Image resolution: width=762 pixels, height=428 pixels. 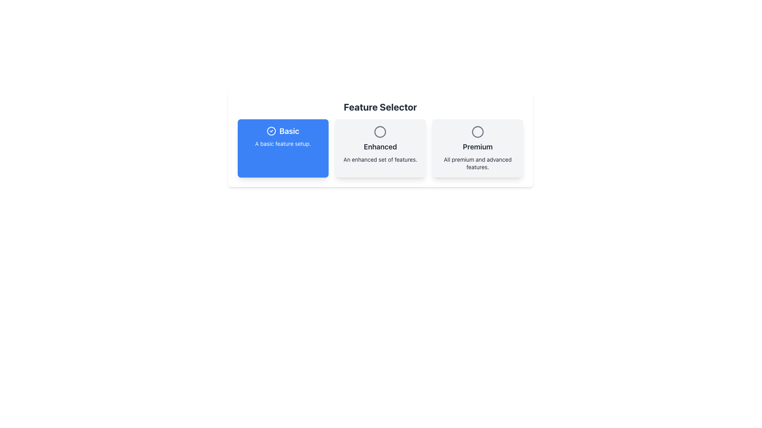 I want to click on the secondary descriptive text saying 'An enhanced set of features.' located within the 'Enhanced' card, so click(x=380, y=159).